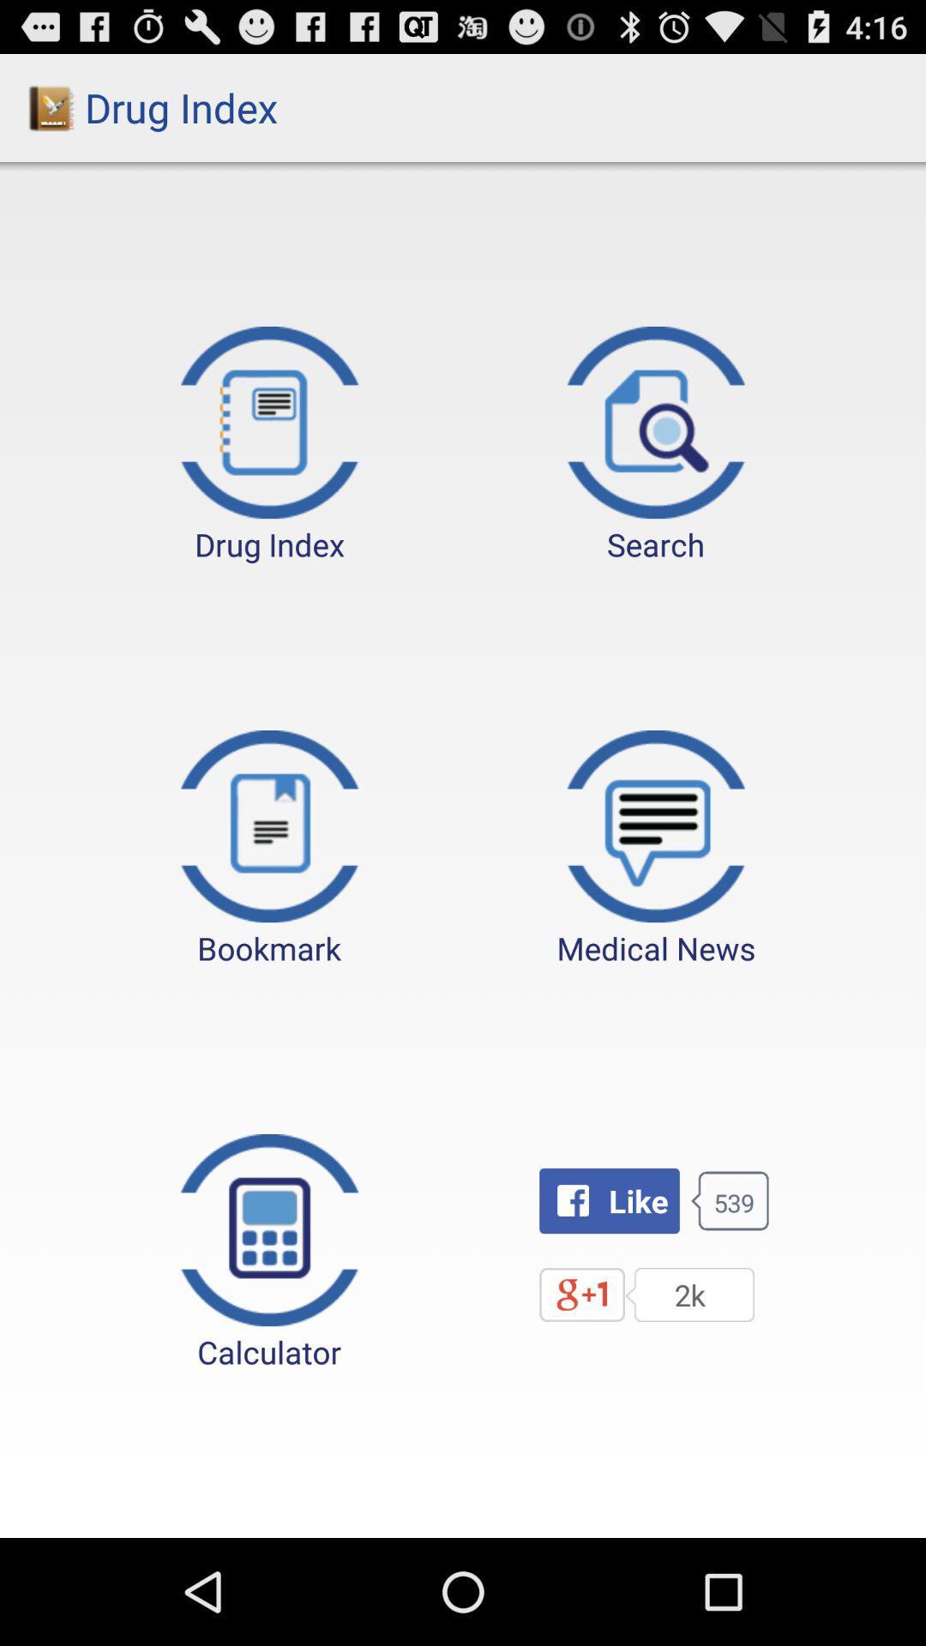 This screenshot has height=1646, width=926. Describe the element at coordinates (269, 850) in the screenshot. I see `the button to the left of the medical news button` at that location.